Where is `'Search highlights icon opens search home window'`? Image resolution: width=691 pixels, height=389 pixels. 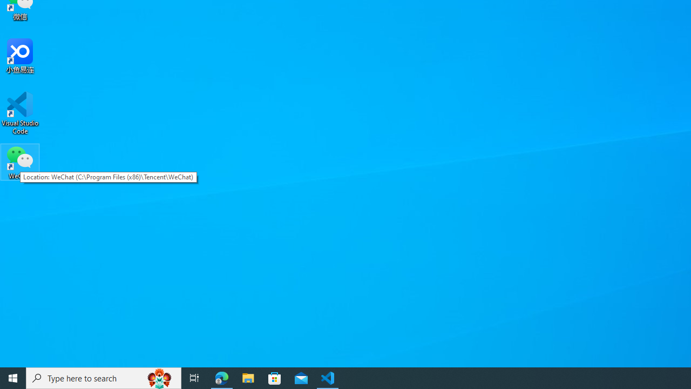 'Search highlights icon opens search home window' is located at coordinates (159, 377).